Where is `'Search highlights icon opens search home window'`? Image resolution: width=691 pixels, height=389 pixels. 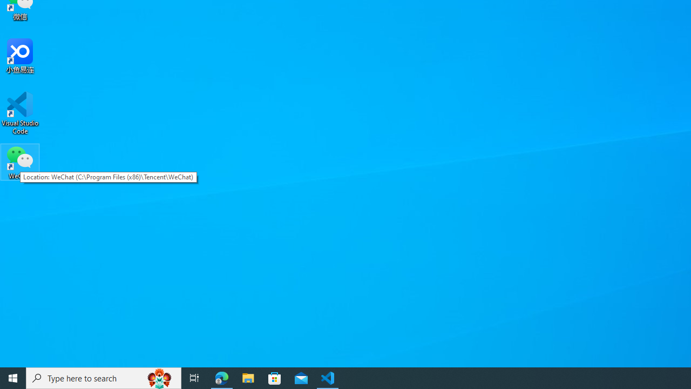 'Search highlights icon opens search home window' is located at coordinates (159, 377).